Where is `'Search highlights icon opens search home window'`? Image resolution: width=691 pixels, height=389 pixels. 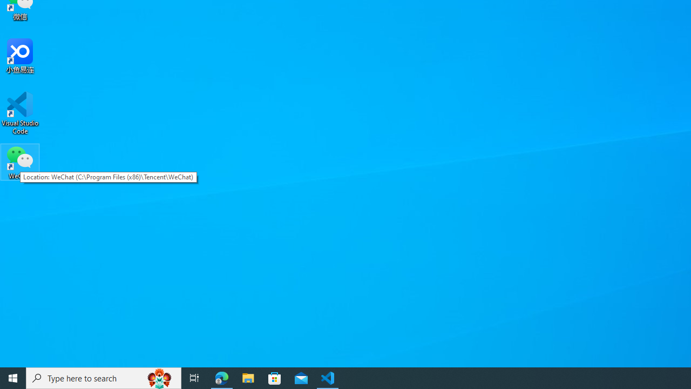 'Search highlights icon opens search home window' is located at coordinates (159, 377).